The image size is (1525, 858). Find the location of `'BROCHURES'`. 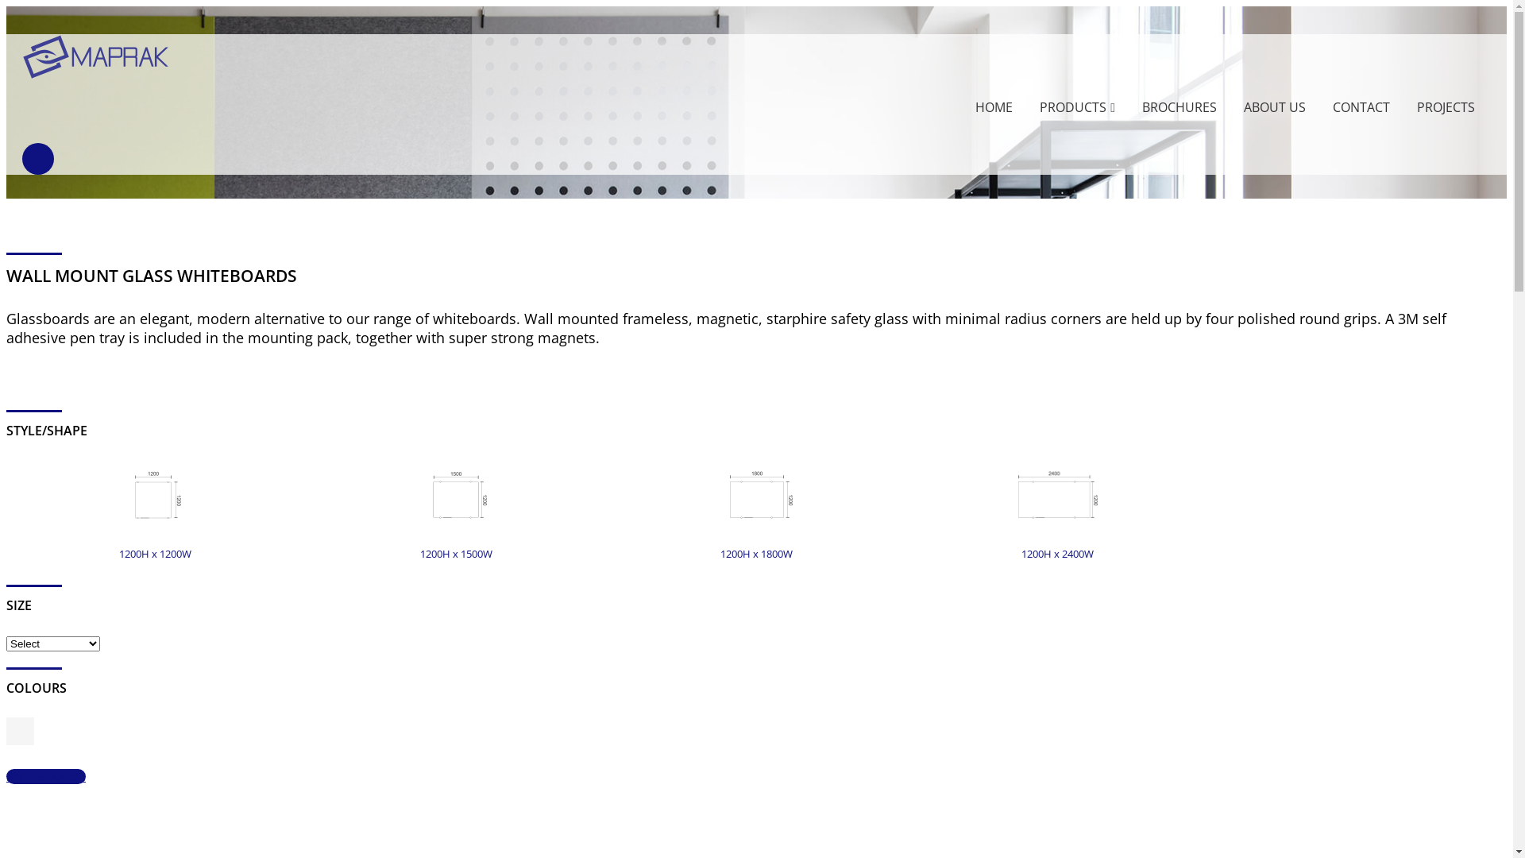

'BROCHURES' is located at coordinates (1137, 107).